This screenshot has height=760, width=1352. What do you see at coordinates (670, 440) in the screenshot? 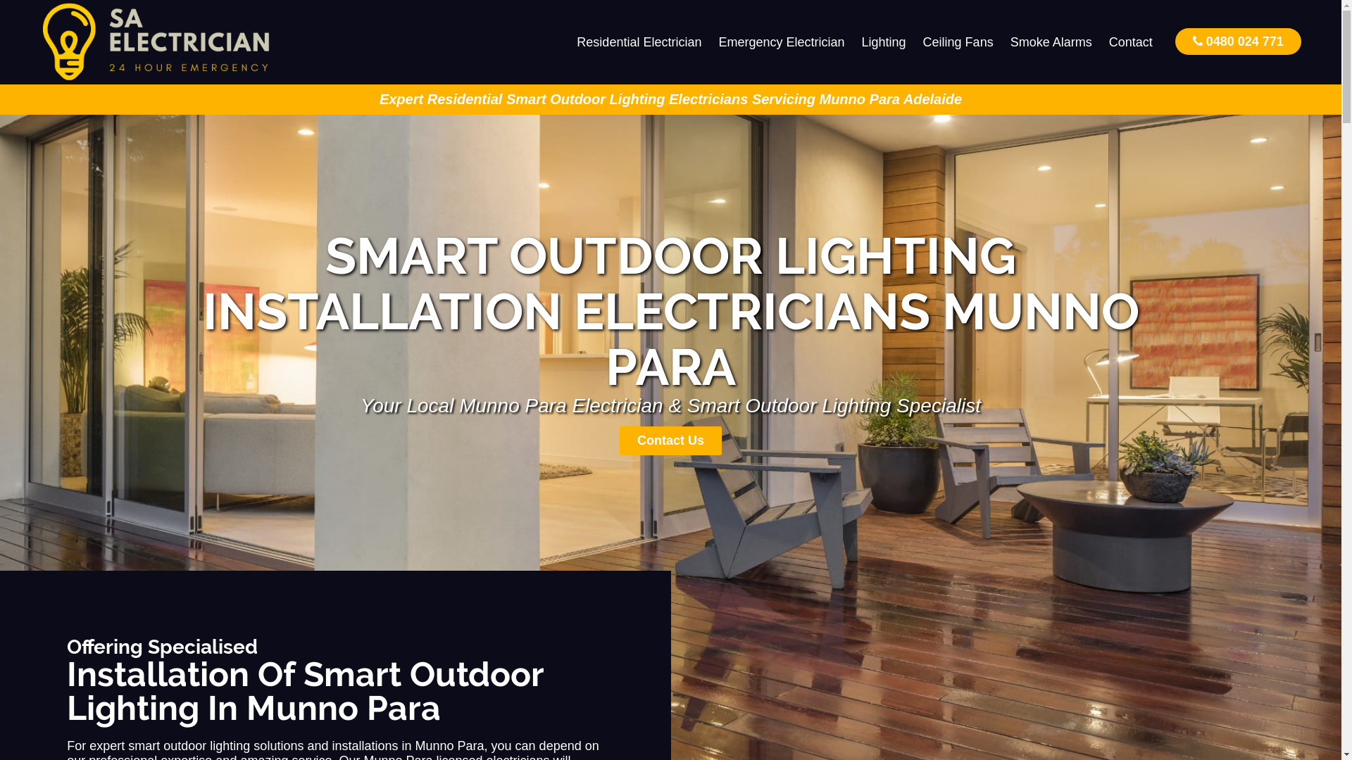
I see `'Contact Us'` at bounding box center [670, 440].